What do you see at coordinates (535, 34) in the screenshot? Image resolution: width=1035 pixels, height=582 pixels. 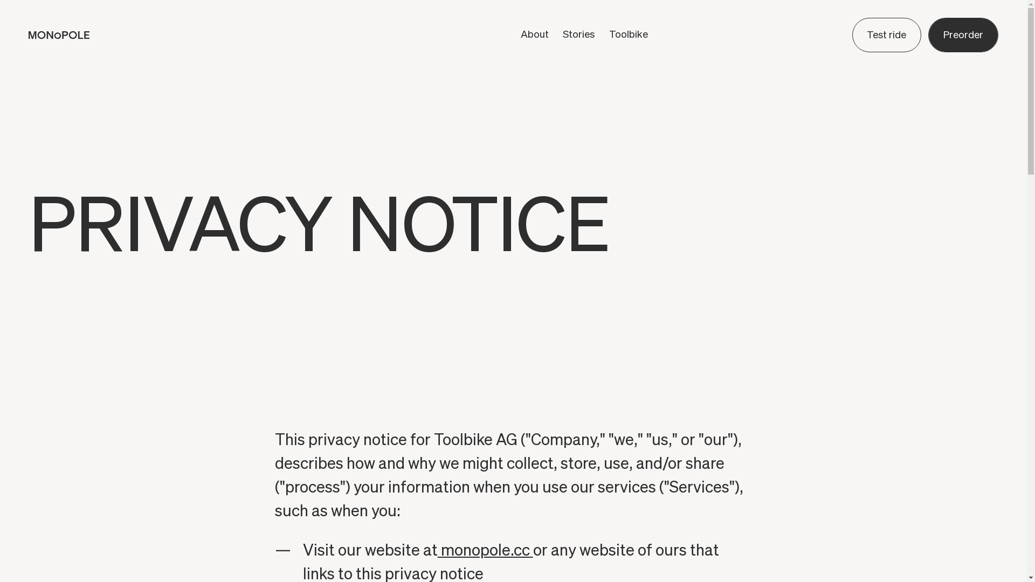 I see `'About'` at bounding box center [535, 34].